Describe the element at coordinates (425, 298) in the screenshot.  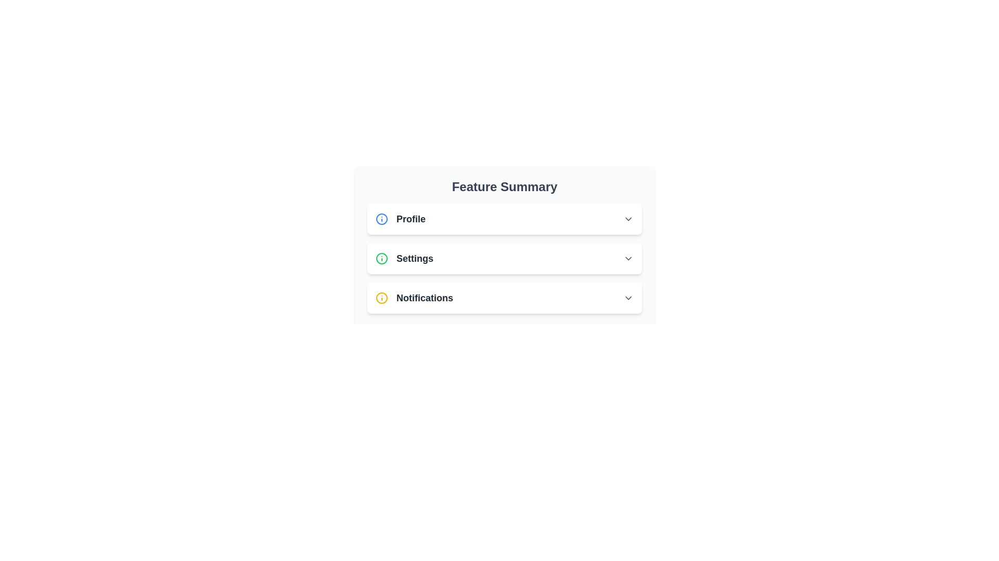
I see `the elements adjacent to the 'Notifications' label, which is a bold text field in dark gray positioned to the right of an informational icon with a yellow border` at that location.